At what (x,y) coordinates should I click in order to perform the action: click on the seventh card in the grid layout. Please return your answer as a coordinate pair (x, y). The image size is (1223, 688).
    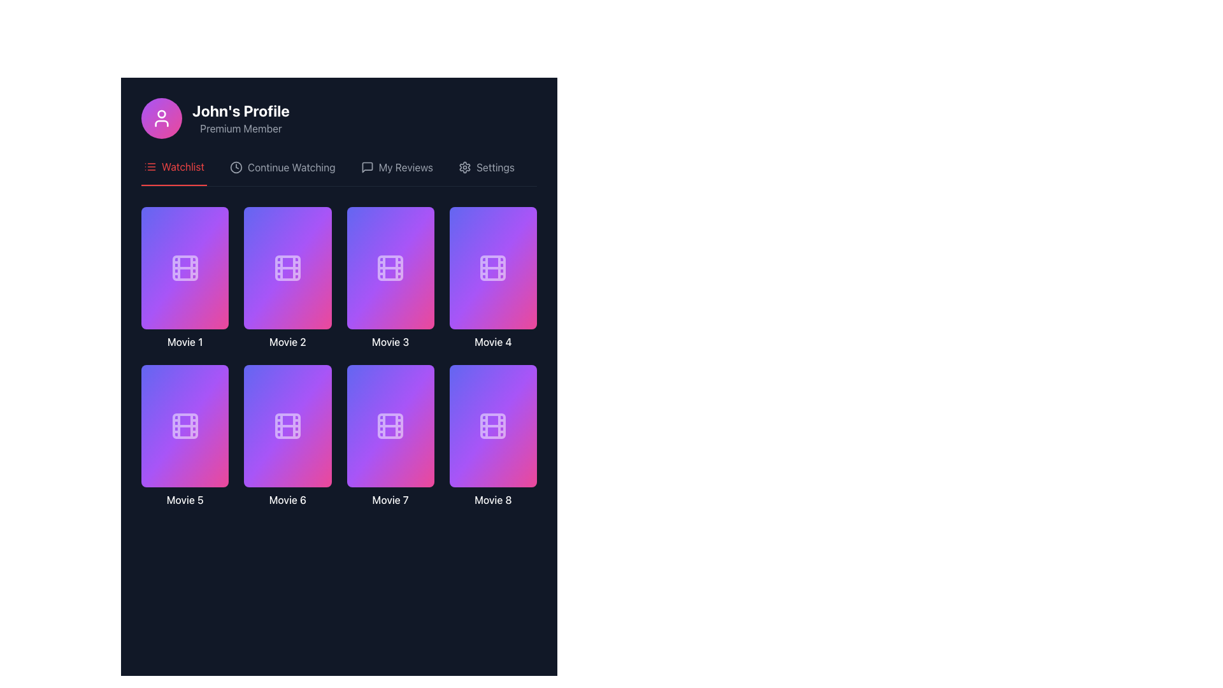
    Looking at the image, I should click on (390, 436).